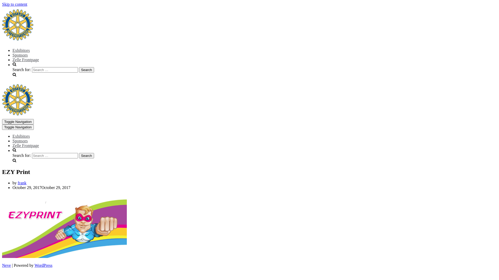 This screenshot has height=280, width=499. What do you see at coordinates (20, 55) in the screenshot?
I see `'Sponsors'` at bounding box center [20, 55].